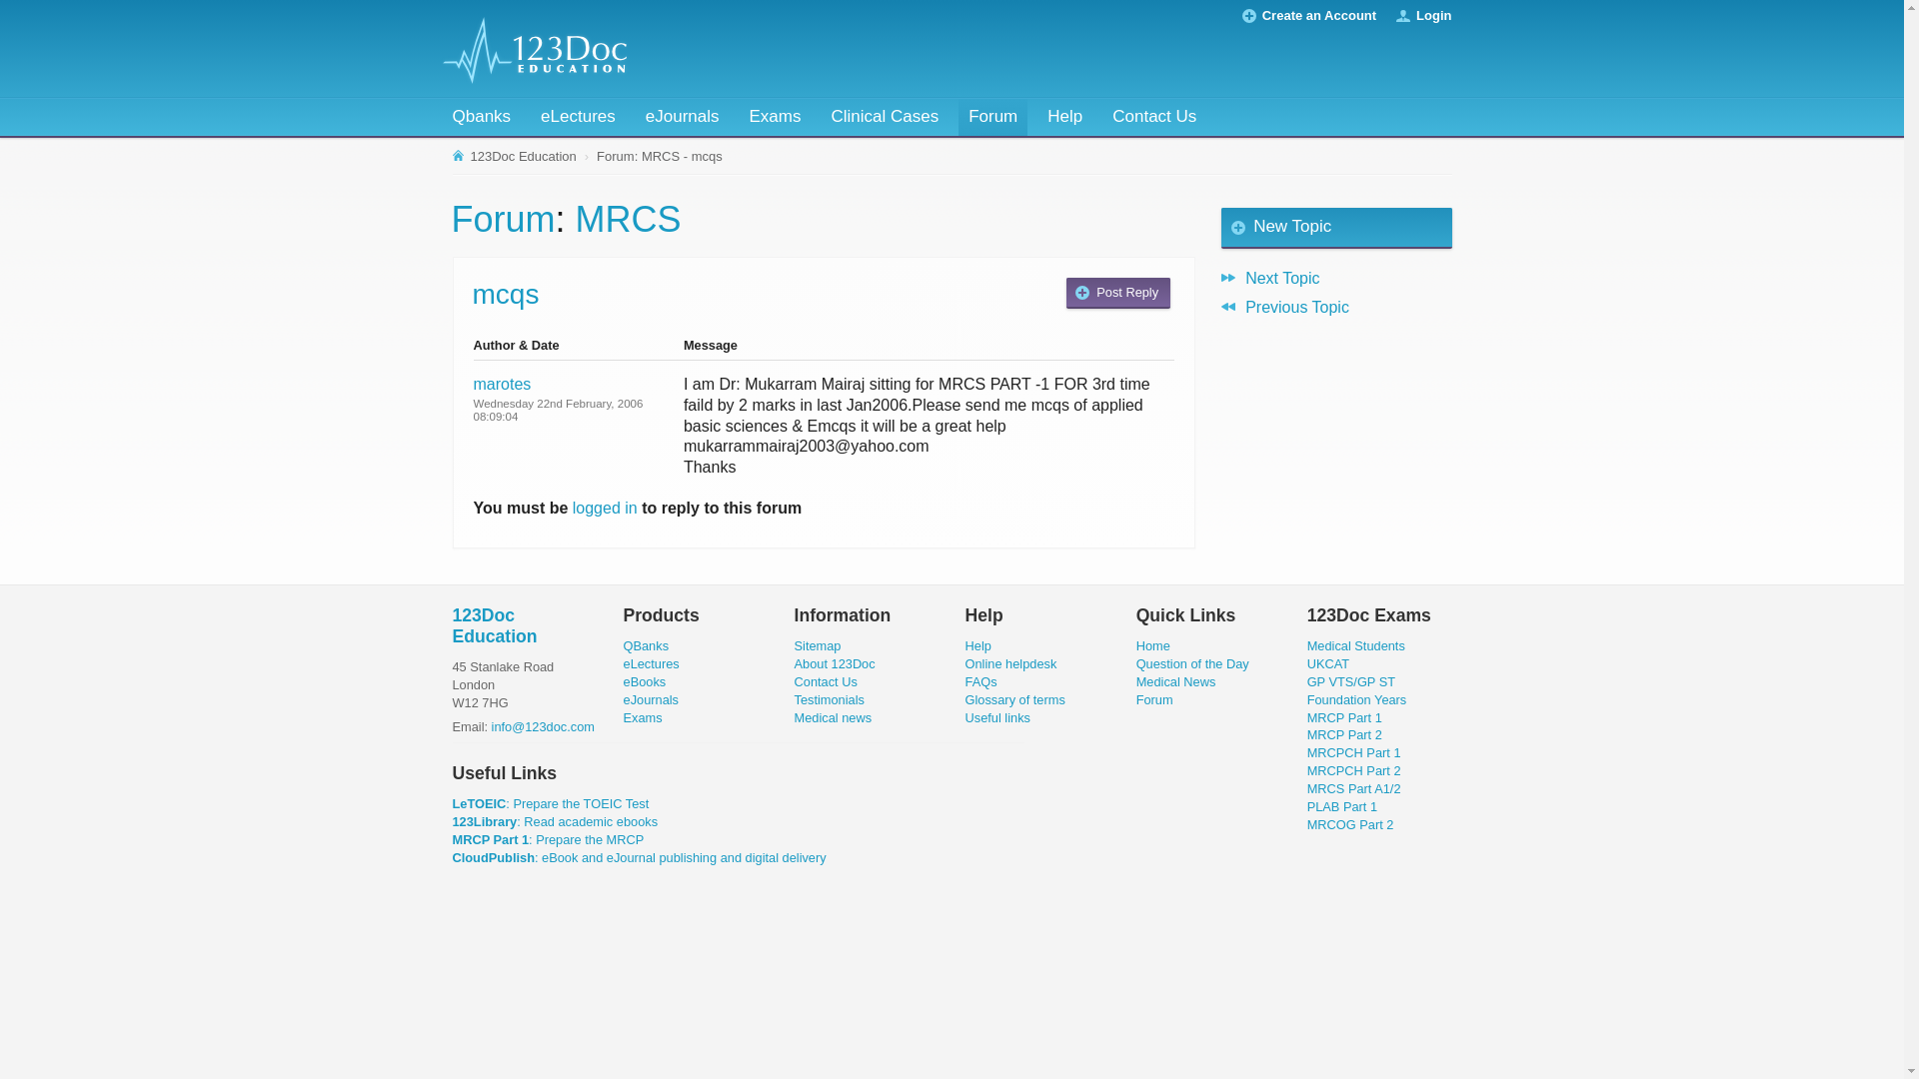 This screenshot has height=1079, width=1919. I want to click on 'QBanks', so click(647, 645).